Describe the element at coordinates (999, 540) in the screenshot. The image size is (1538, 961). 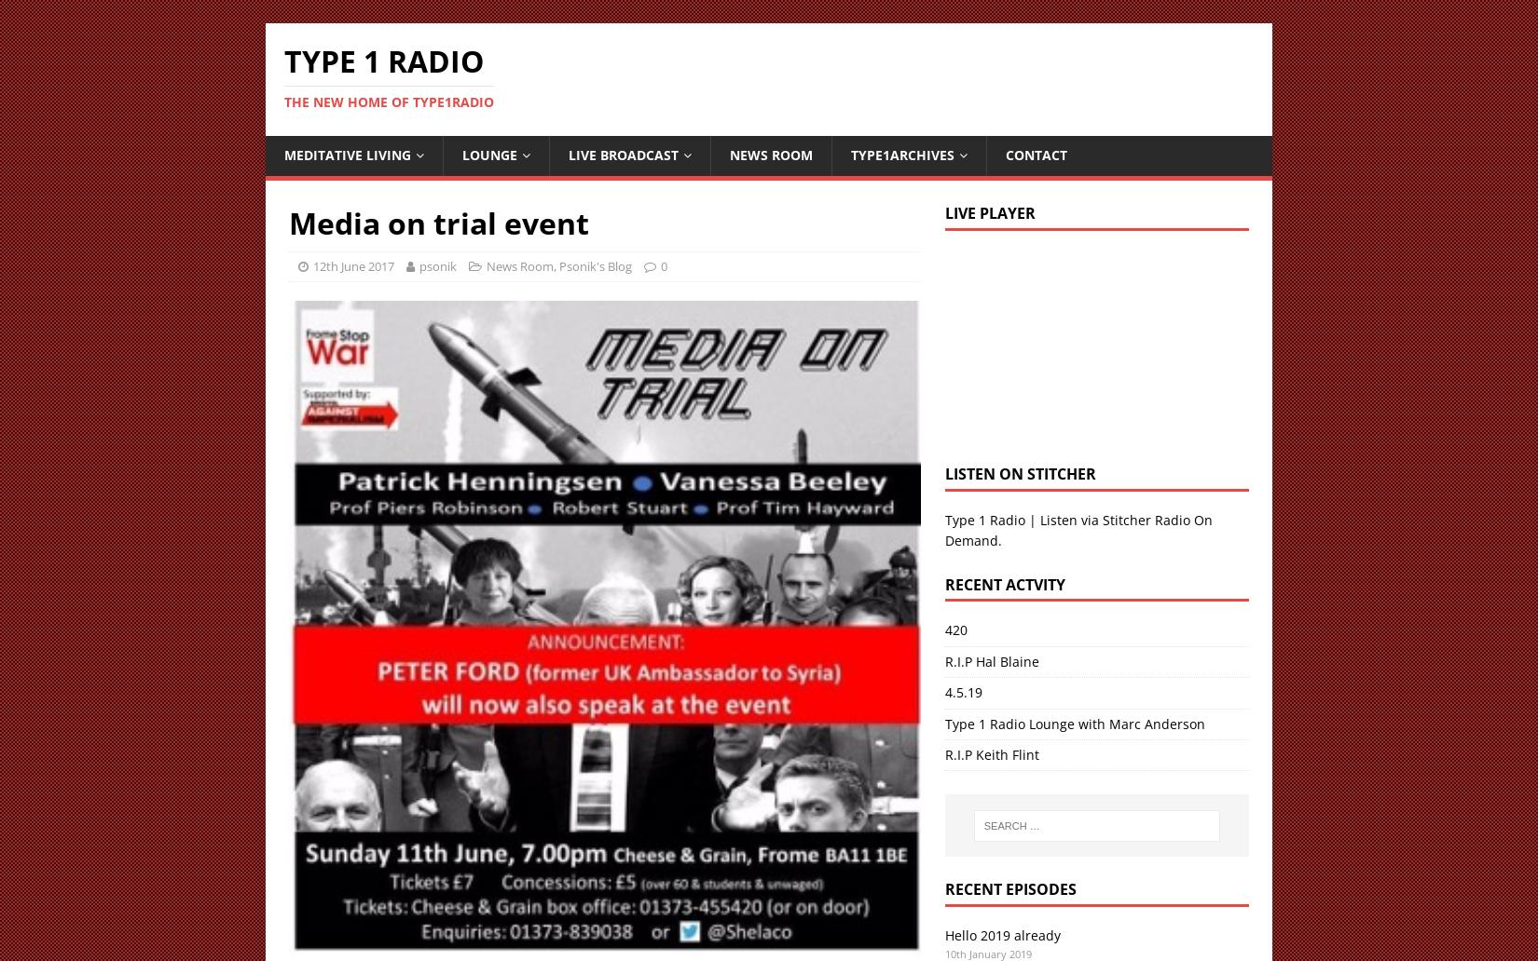
I see `'.'` at that location.